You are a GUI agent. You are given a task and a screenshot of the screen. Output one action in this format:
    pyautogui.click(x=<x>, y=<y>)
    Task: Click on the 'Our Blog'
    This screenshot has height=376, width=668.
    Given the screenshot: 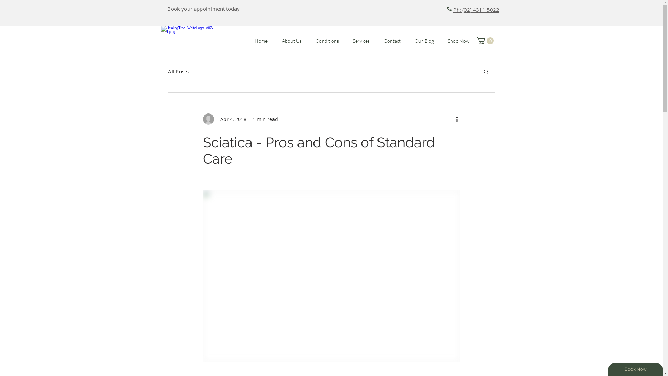 What is the action you would take?
    pyautogui.click(x=424, y=41)
    